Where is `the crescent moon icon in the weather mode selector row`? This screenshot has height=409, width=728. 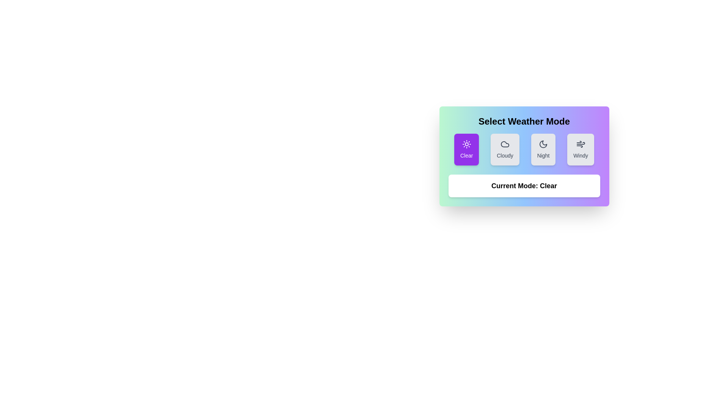 the crescent moon icon in the weather mode selector row is located at coordinates (543, 144).